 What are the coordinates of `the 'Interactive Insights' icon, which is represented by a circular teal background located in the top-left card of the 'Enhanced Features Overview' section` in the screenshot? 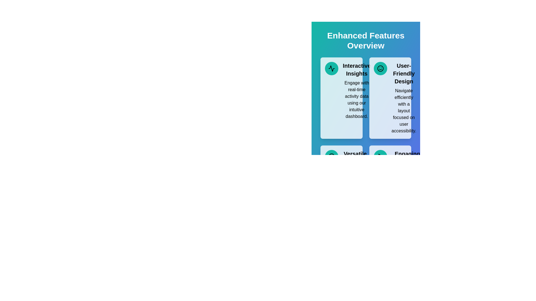 It's located at (332, 68).